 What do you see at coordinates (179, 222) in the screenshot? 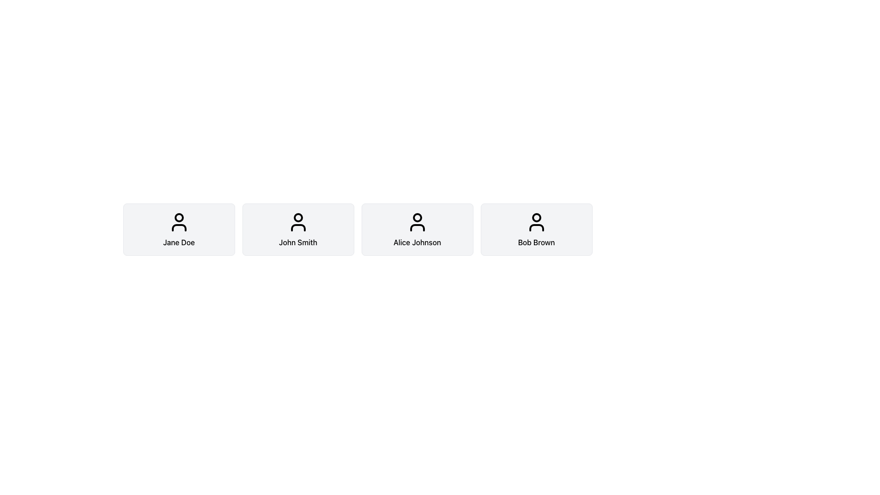
I see `the SVG user icon representing a profile picture of 'Jane Doe', which is centered within the first profile card in a horizontal sequence` at bounding box center [179, 222].